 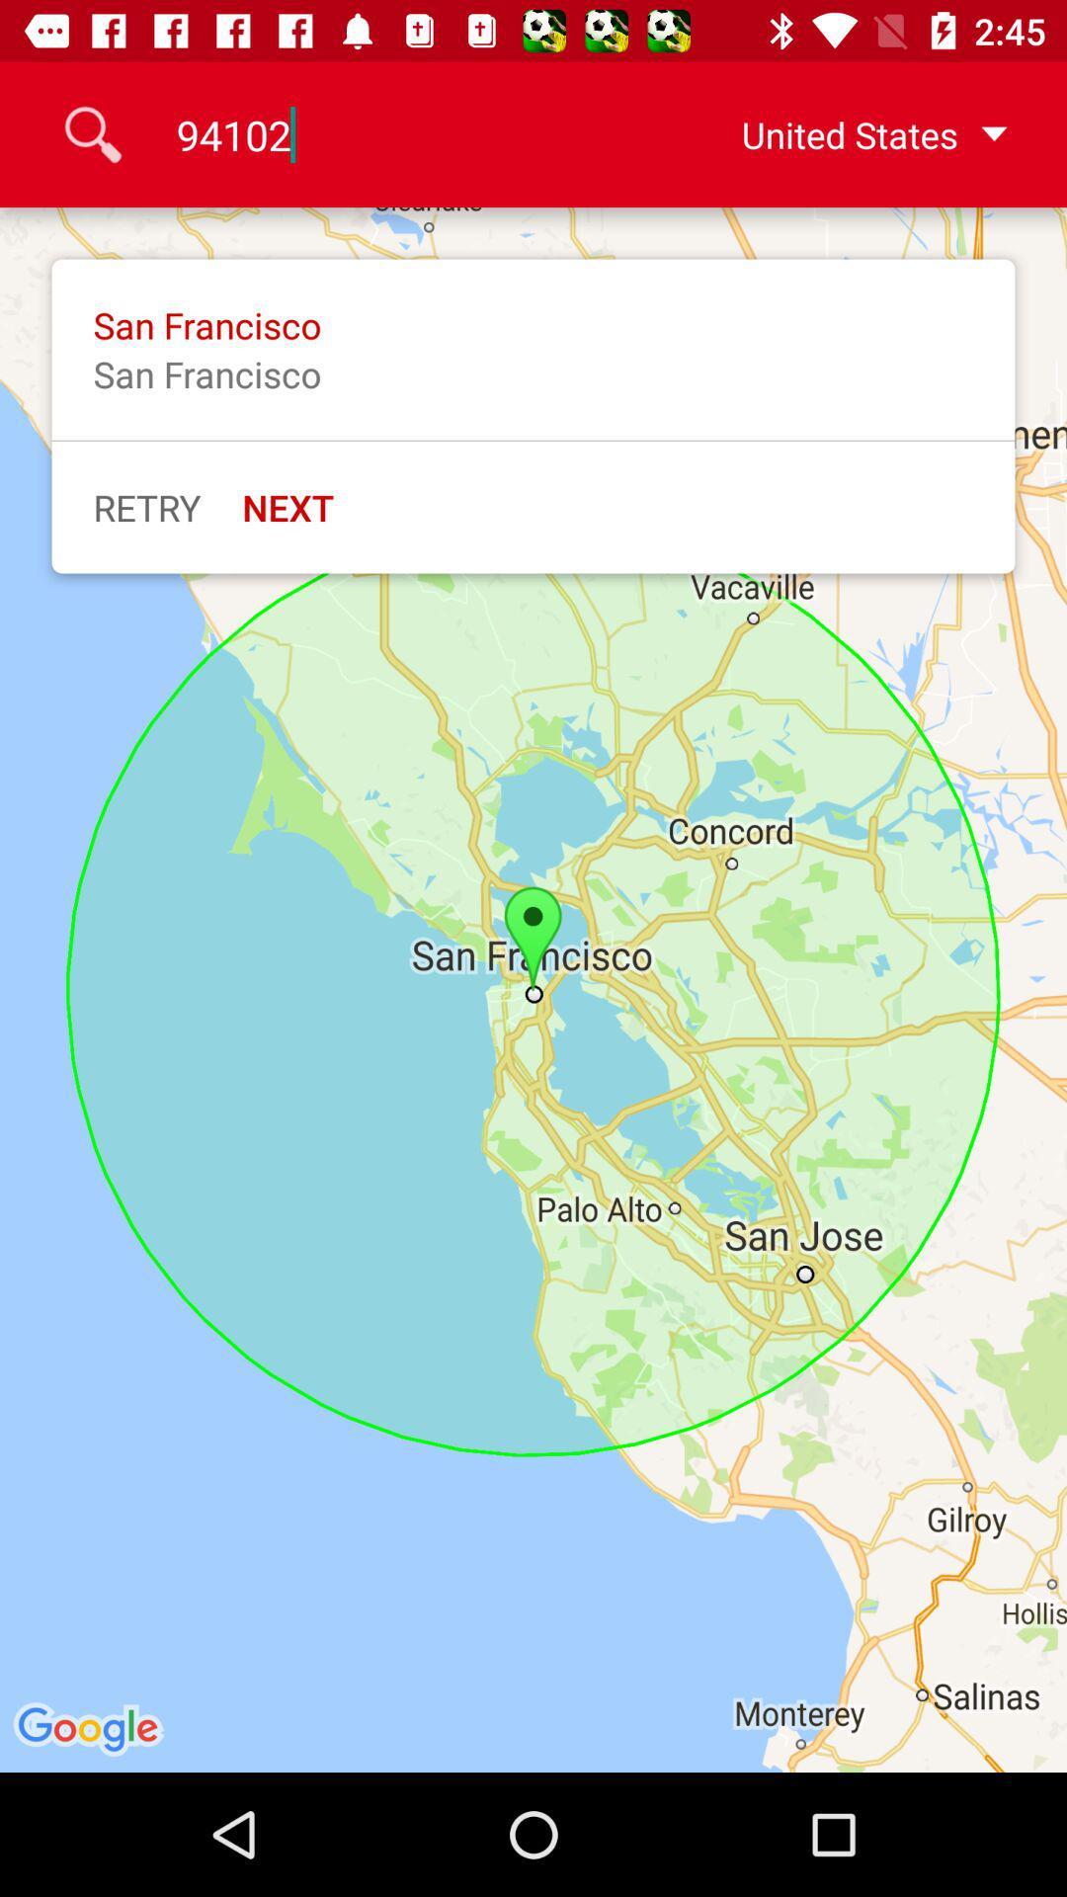 What do you see at coordinates (287, 507) in the screenshot?
I see `the next` at bounding box center [287, 507].